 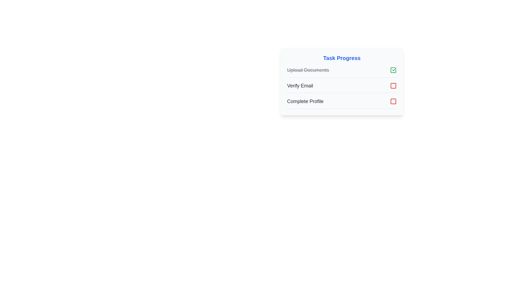 I want to click on the status of the green checkmark within the task progress indicator located in the top-right section of the 'Task Progress' card, adjacent to 'Upload Documents', so click(x=393, y=70).